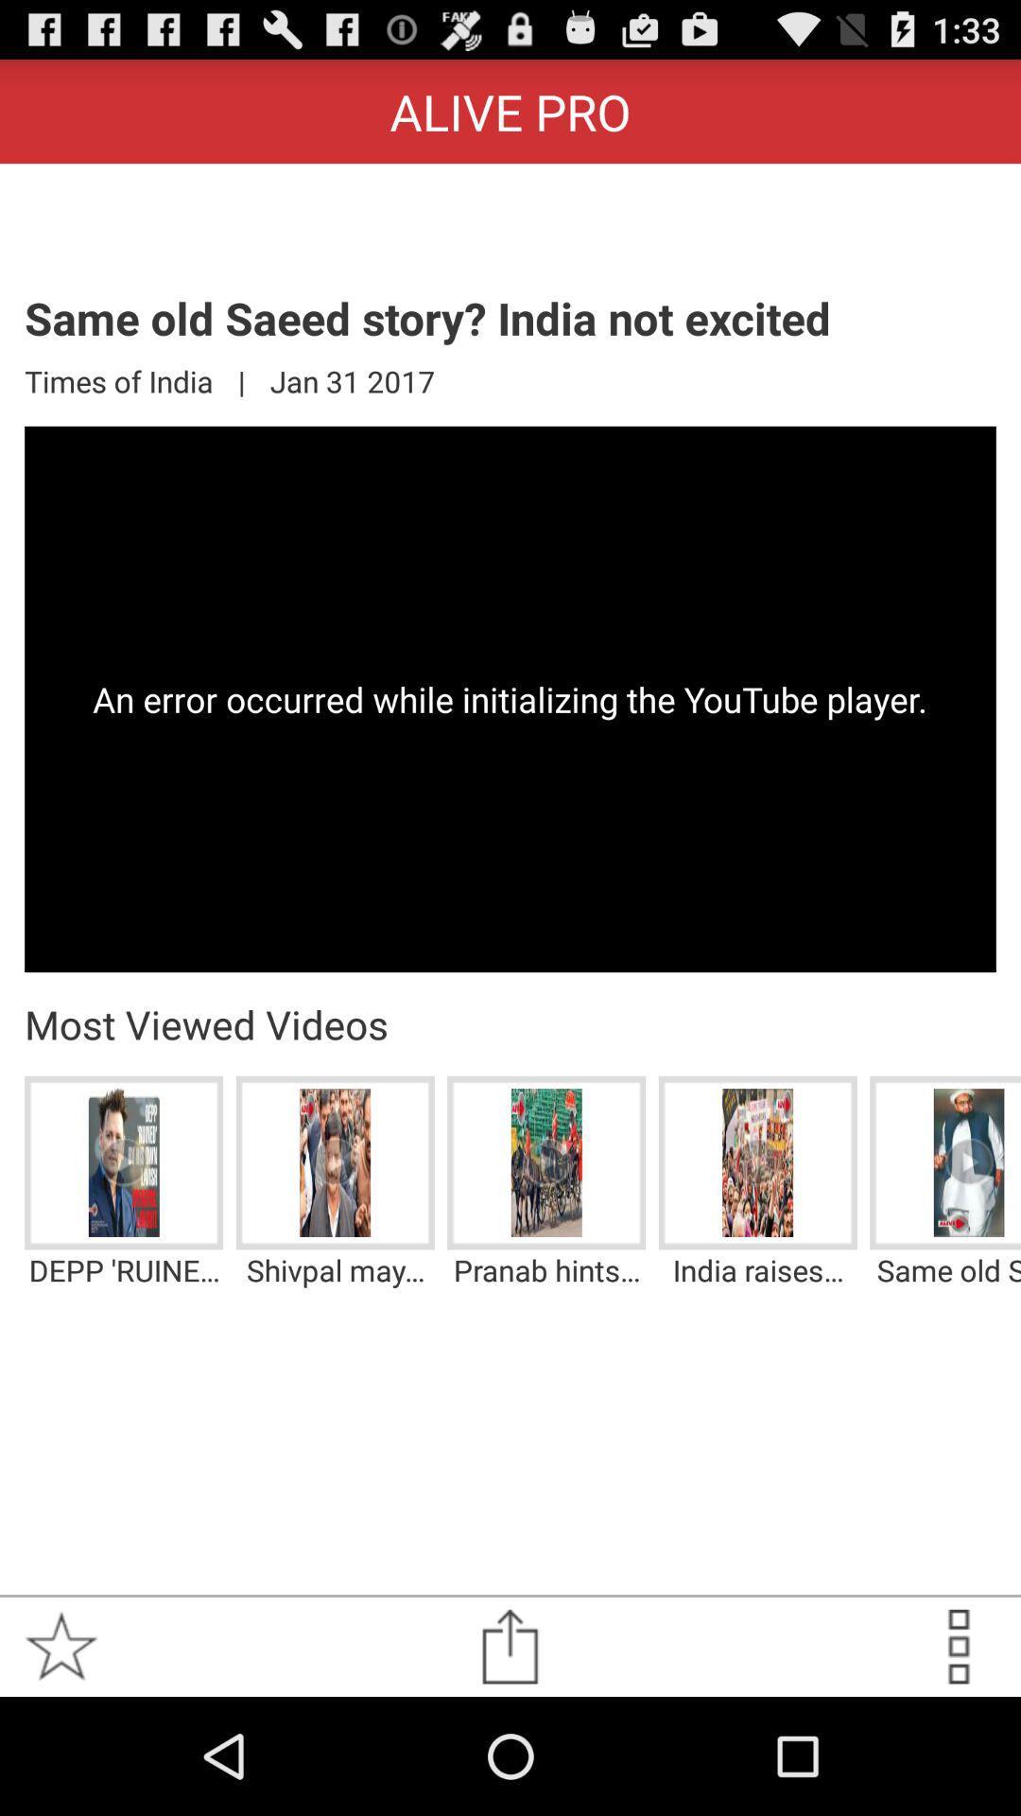  I want to click on send link, so click(509, 1646).